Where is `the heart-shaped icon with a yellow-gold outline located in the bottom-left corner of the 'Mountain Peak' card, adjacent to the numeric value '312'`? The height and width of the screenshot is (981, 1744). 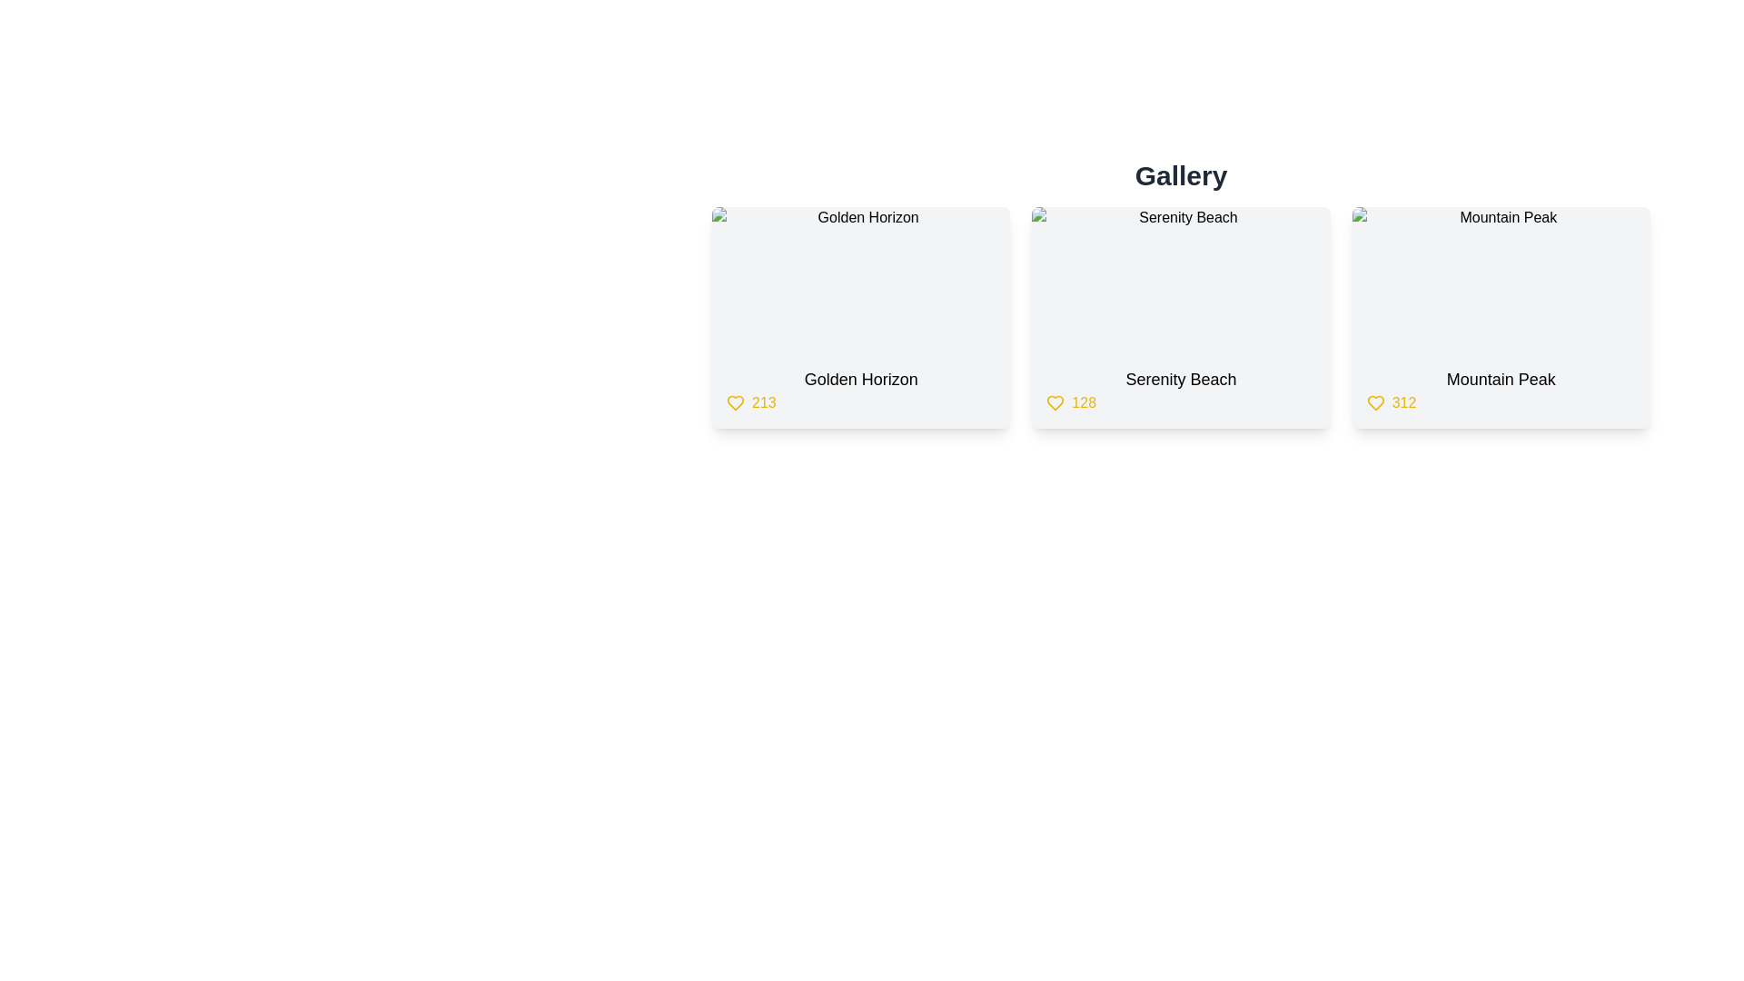 the heart-shaped icon with a yellow-gold outline located in the bottom-left corner of the 'Mountain Peak' card, adjacent to the numeric value '312' is located at coordinates (1375, 401).